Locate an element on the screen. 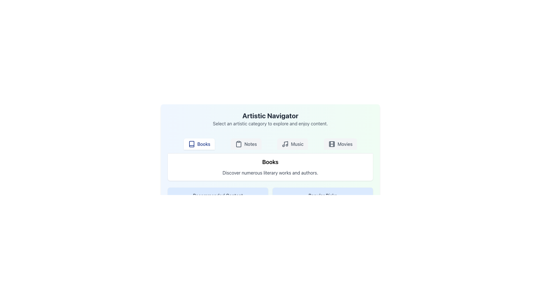  the Text Label that serves as a header for the book section, located in the upper-middle section of the interface is located at coordinates (270, 162).